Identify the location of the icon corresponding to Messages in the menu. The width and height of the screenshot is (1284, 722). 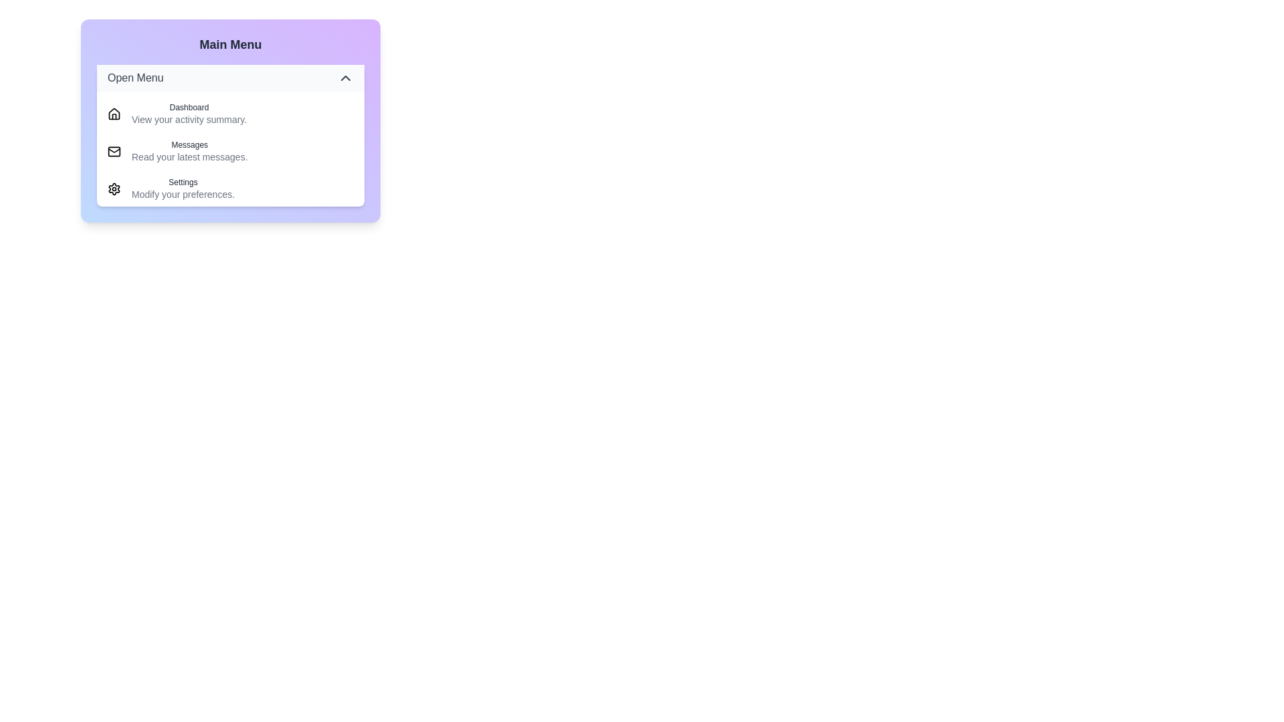
(114, 151).